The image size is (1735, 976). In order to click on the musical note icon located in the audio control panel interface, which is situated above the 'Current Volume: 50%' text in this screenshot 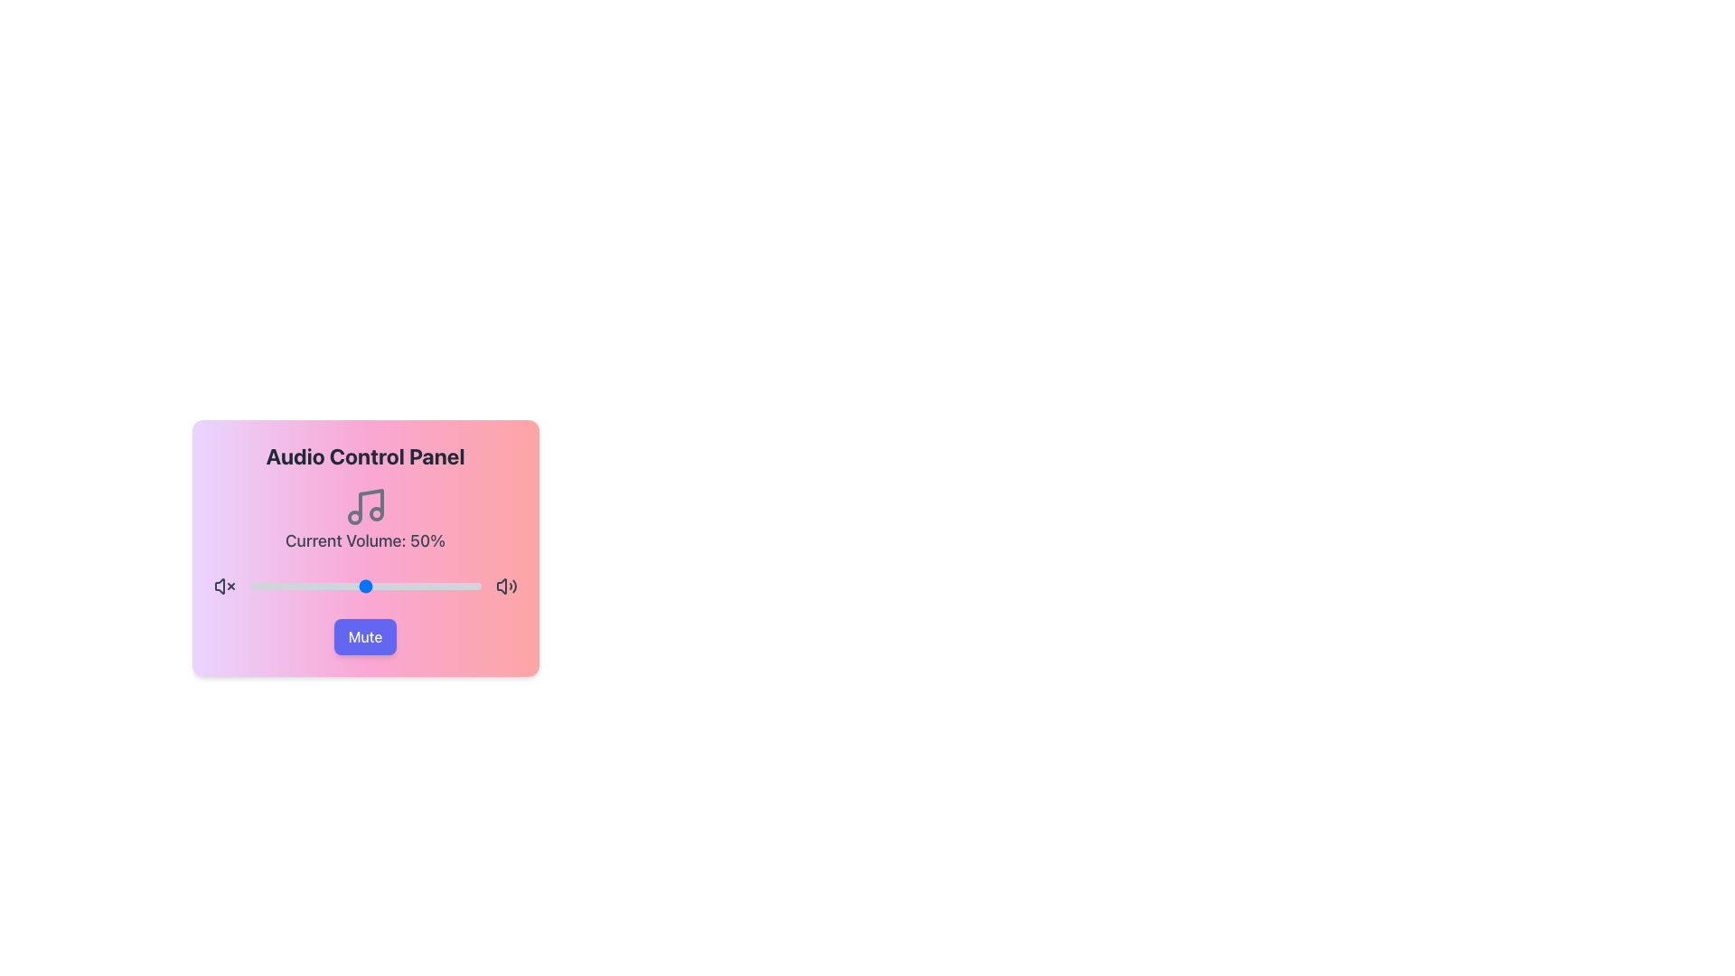, I will do `click(364, 506)`.